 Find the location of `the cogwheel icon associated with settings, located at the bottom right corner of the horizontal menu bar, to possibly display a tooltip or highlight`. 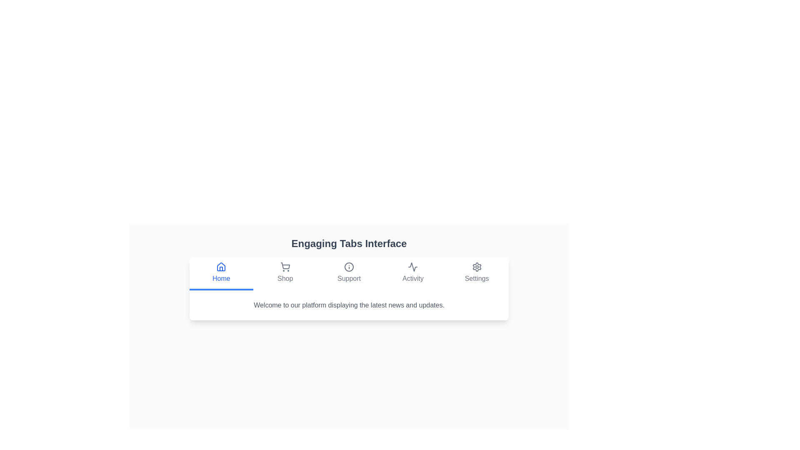

the cogwheel icon associated with settings, located at the bottom right corner of the horizontal menu bar, to possibly display a tooltip or highlight is located at coordinates (477, 267).